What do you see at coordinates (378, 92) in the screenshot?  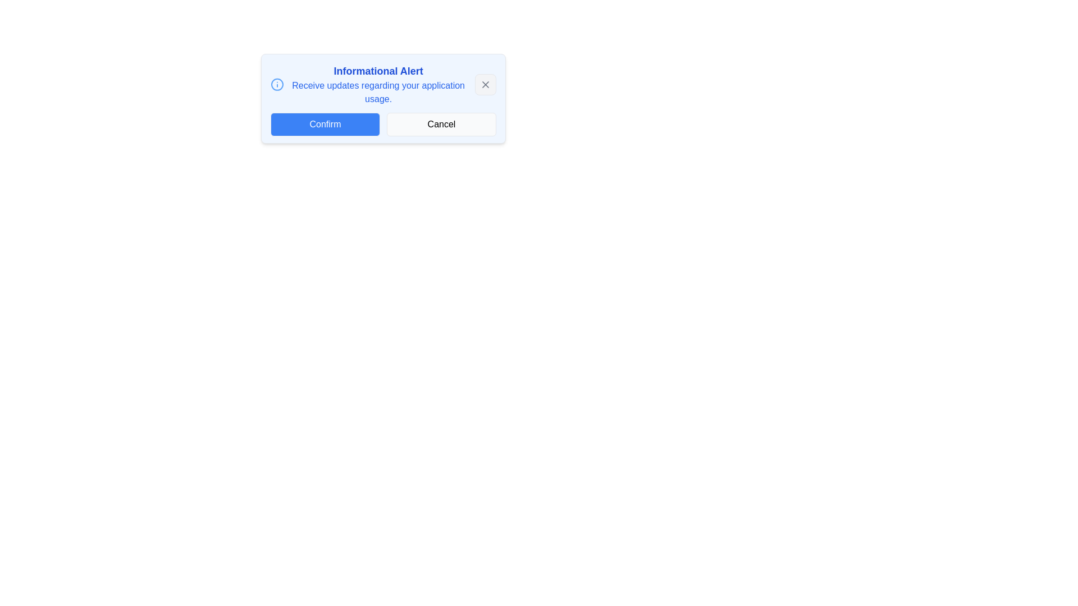 I see `the text label located directly below the 'Informational Alert' title in the modal, which provides updates related to application usage` at bounding box center [378, 92].